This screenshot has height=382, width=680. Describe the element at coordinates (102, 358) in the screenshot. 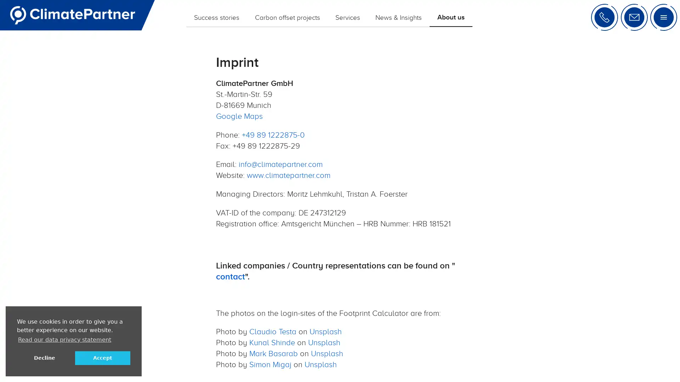

I see `allow cookies` at that location.